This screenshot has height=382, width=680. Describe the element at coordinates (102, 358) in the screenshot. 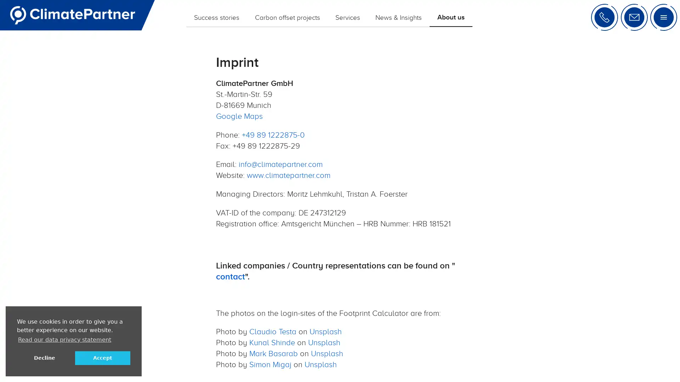

I see `allow cookies` at that location.